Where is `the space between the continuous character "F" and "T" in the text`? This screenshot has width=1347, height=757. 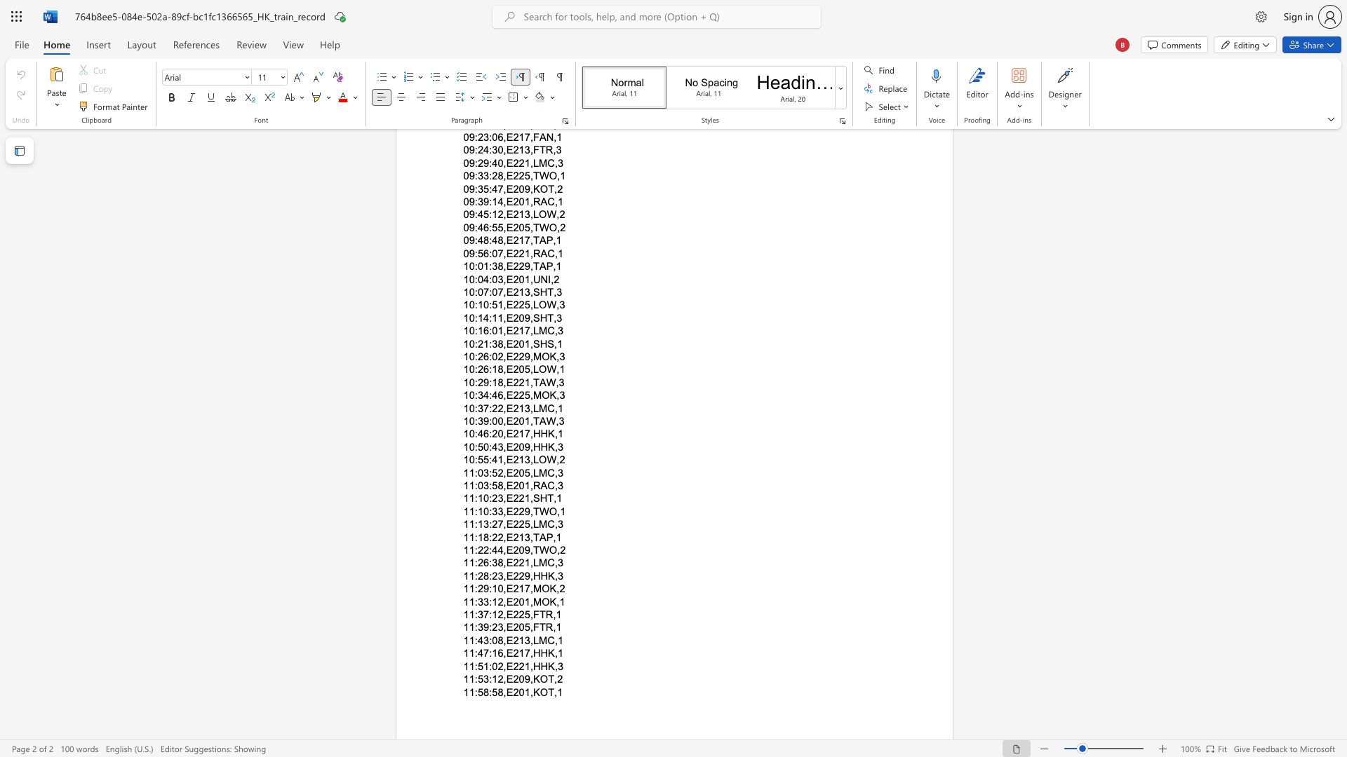
the space between the continuous character "F" and "T" in the text is located at coordinates (538, 627).